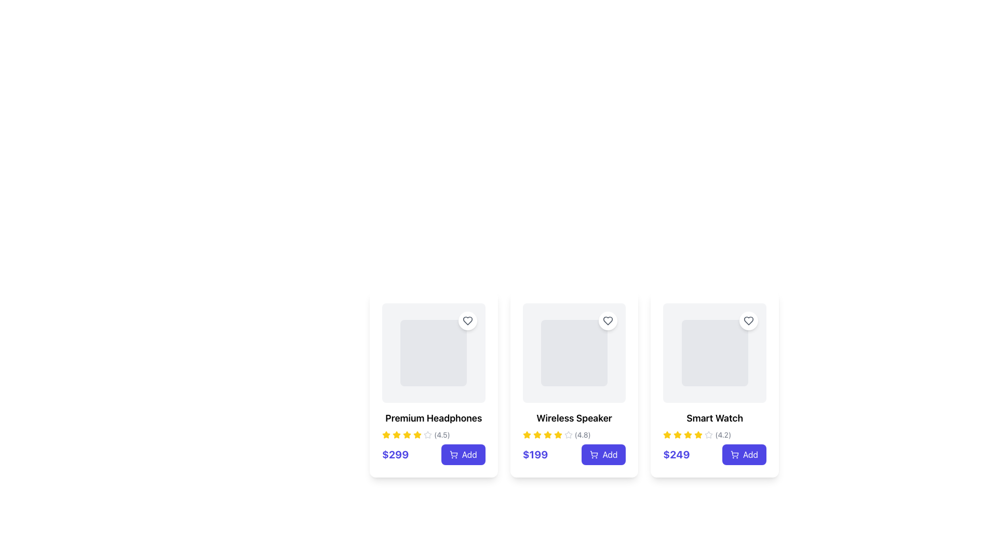 This screenshot has width=997, height=560. I want to click on price displayed in the prominent indigo colored label showing '$199', located within the product card for 'Wireless Speaker', positioned below the star rating and aligned to the left, so click(535, 454).